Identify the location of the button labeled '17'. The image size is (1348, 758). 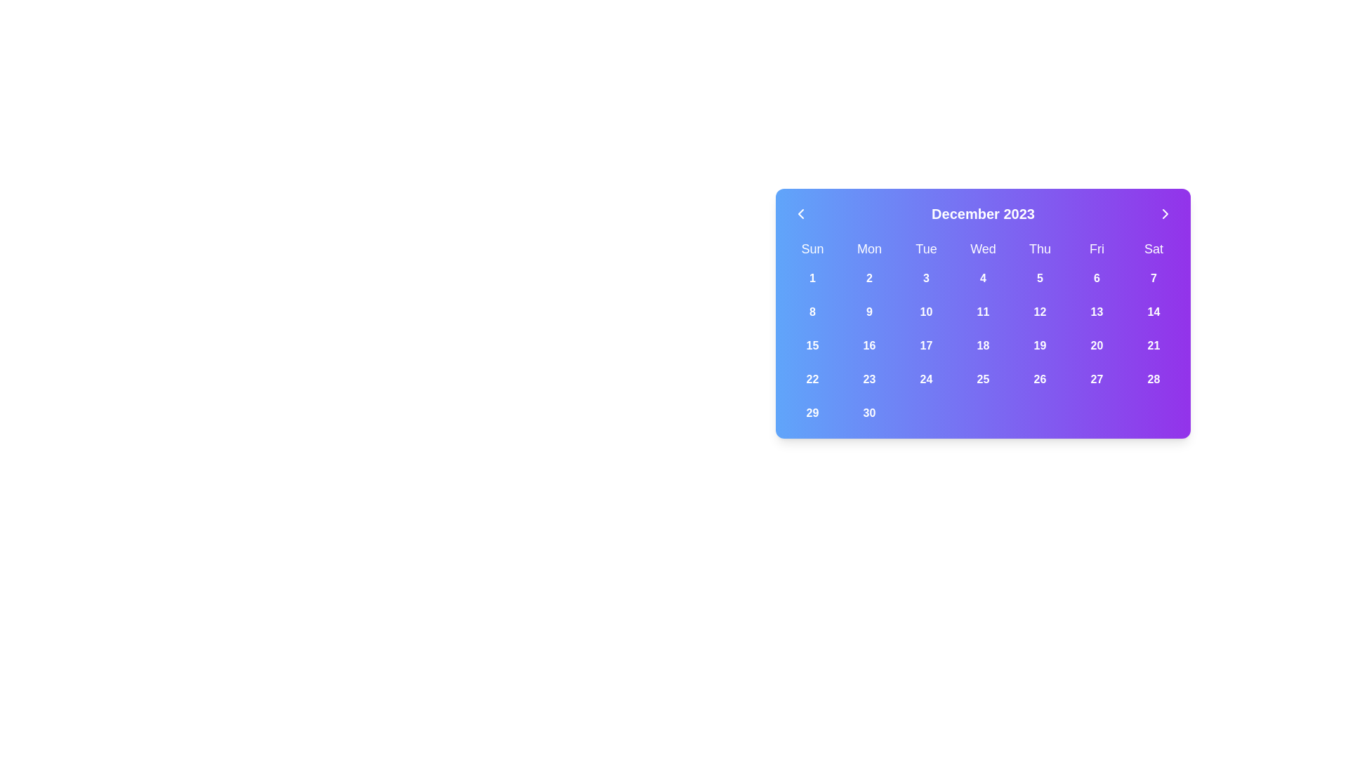
(926, 346).